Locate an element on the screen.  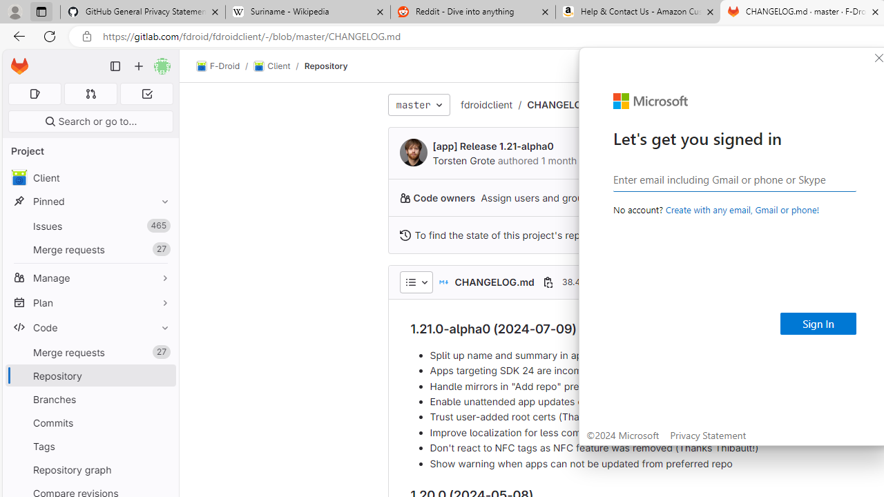
'Pin Tags' is located at coordinates (162, 446).